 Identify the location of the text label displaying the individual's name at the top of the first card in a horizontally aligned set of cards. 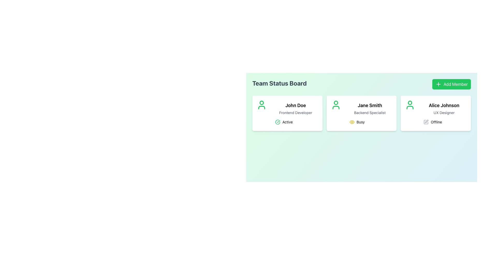
(296, 105).